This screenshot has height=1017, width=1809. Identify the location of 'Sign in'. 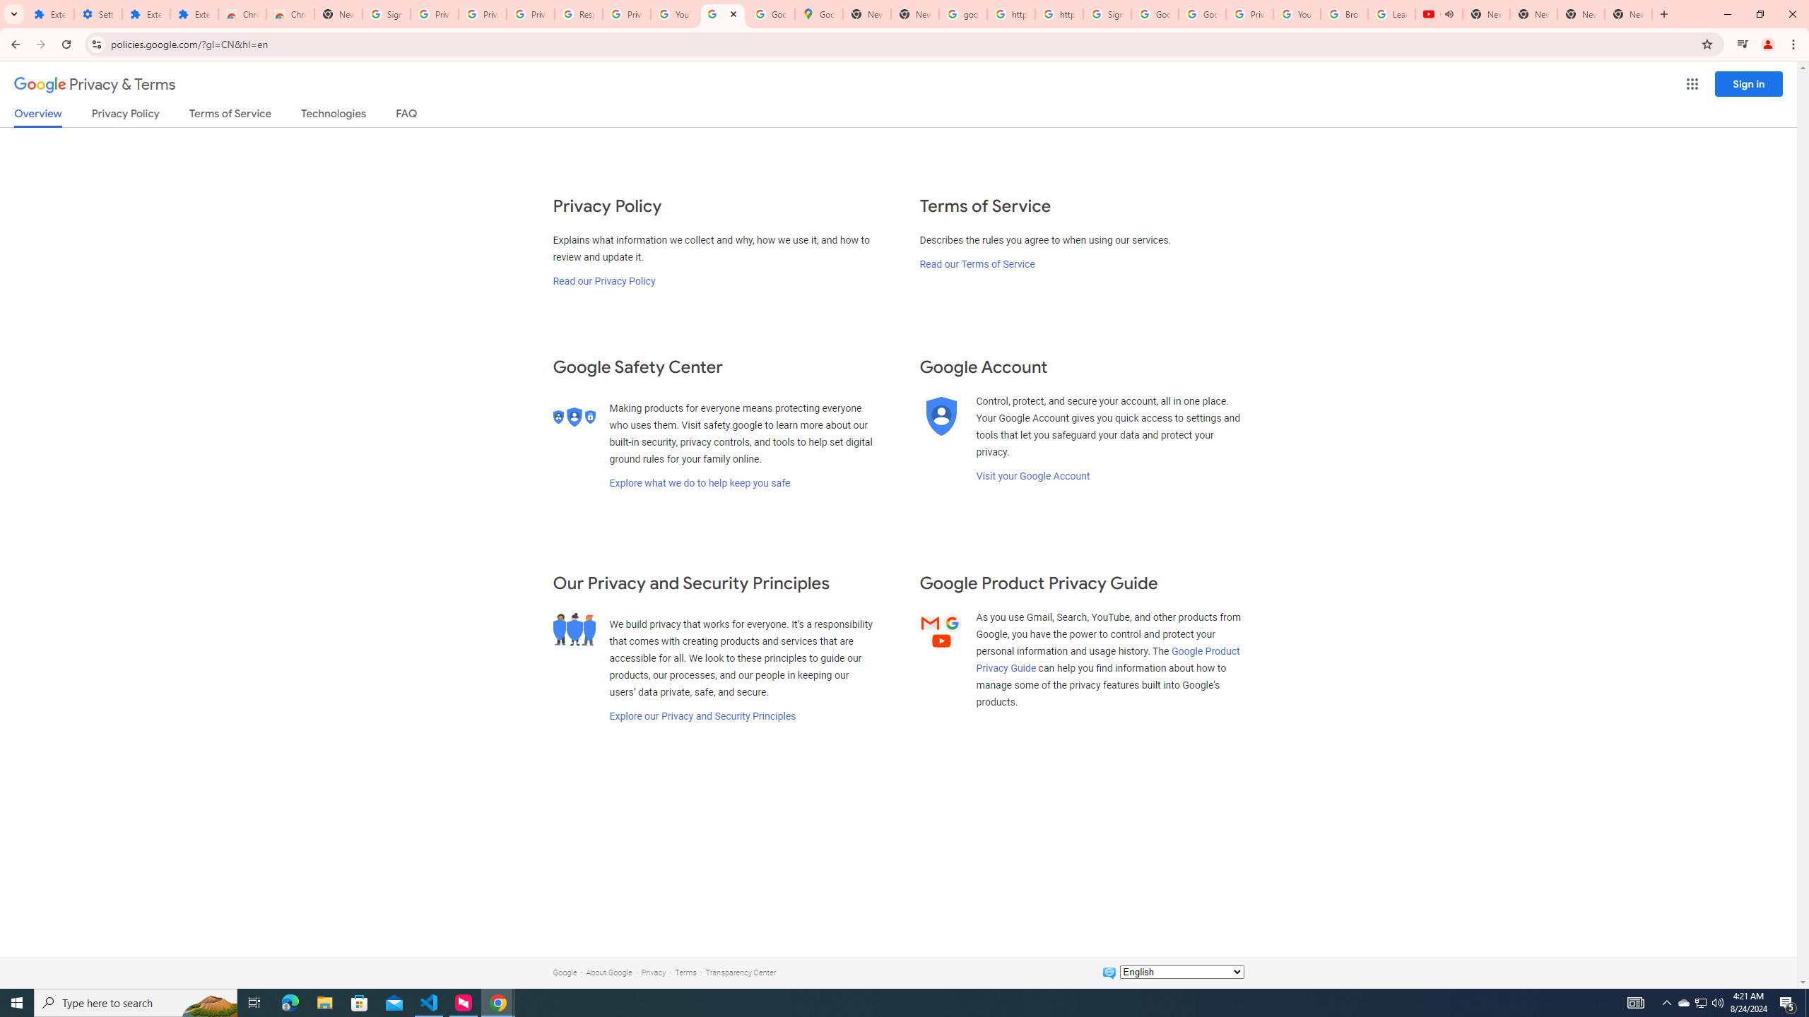
(1748, 83).